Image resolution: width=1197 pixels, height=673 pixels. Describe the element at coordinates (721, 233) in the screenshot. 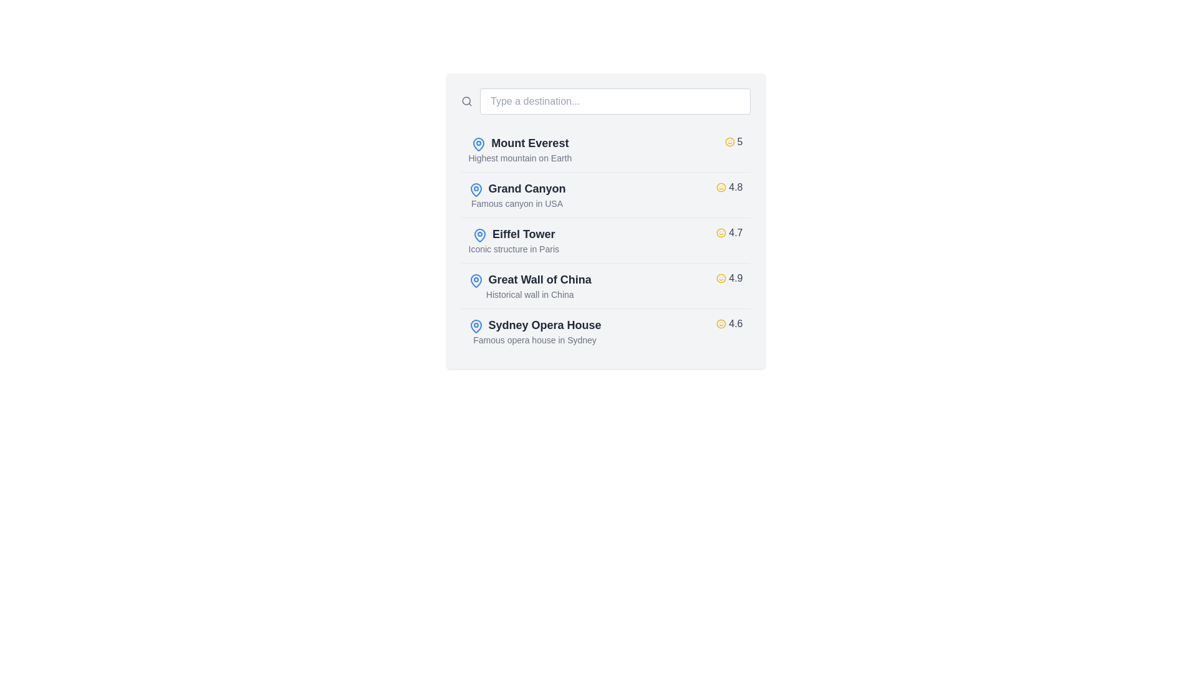

I see `the smiley icon representing a happy face, which is located to the left of the rating '4.7' for the 'Eiffel Tower' entry` at that location.